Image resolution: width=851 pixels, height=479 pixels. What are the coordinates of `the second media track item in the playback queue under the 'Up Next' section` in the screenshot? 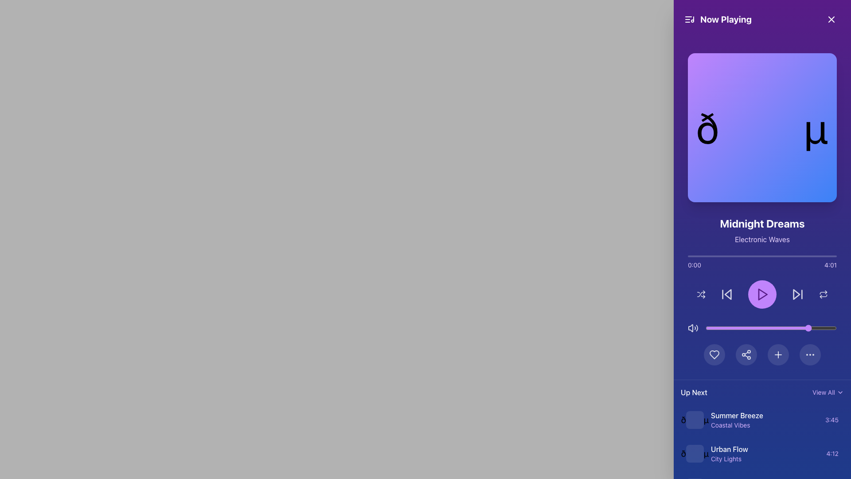 It's located at (761, 453).